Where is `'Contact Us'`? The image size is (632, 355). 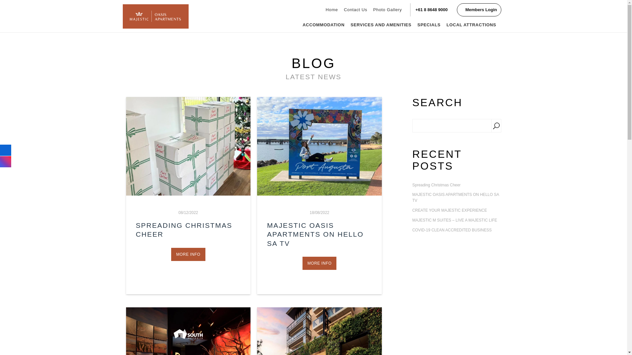 'Contact Us' is located at coordinates (355, 10).